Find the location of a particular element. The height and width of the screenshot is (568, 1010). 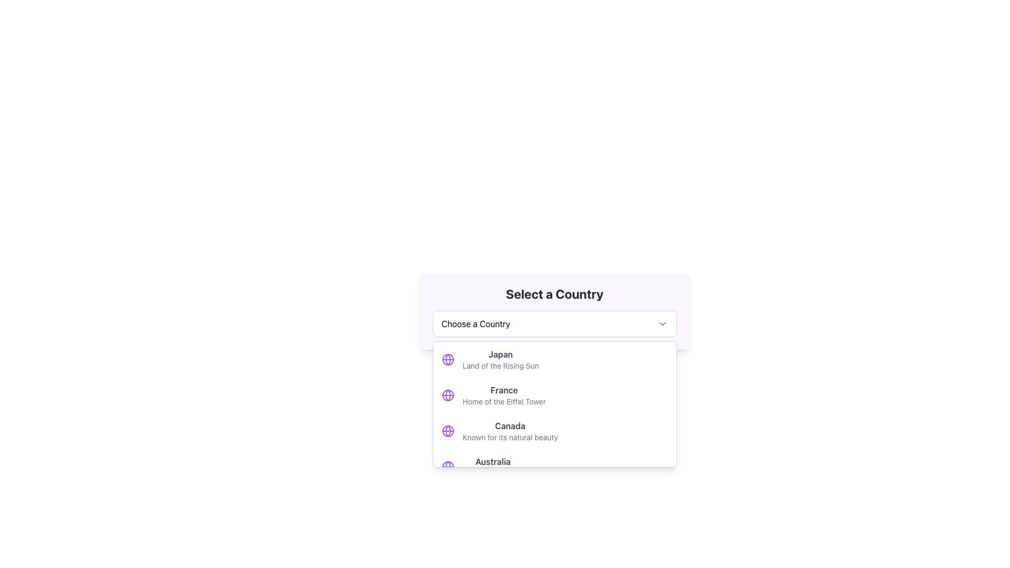

the globe icon representing Canada, which is styled in purple and located on the left side of the list item labeled 'Canada' with the subtitle 'Known for its natural beauty' is located at coordinates (448, 431).